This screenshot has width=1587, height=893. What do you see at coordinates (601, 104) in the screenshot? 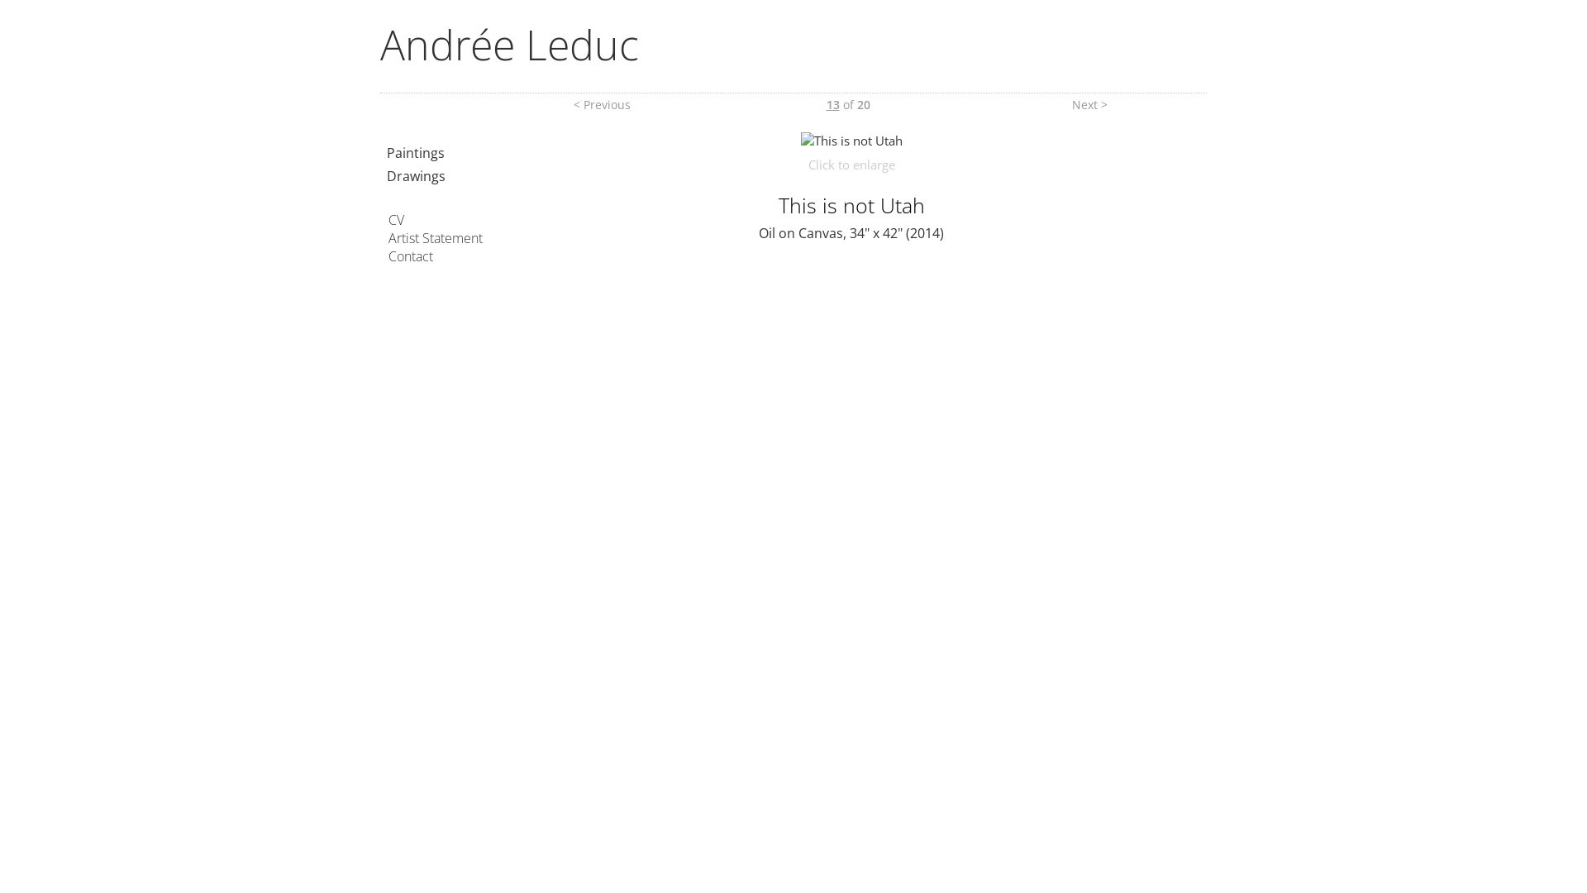
I see `'< Previous'` at bounding box center [601, 104].